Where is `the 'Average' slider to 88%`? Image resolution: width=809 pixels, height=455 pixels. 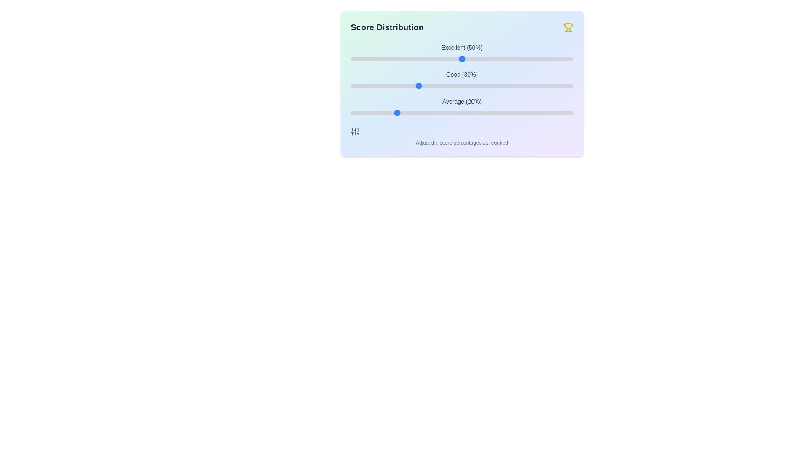 the 'Average' slider to 88% is located at coordinates (546, 112).